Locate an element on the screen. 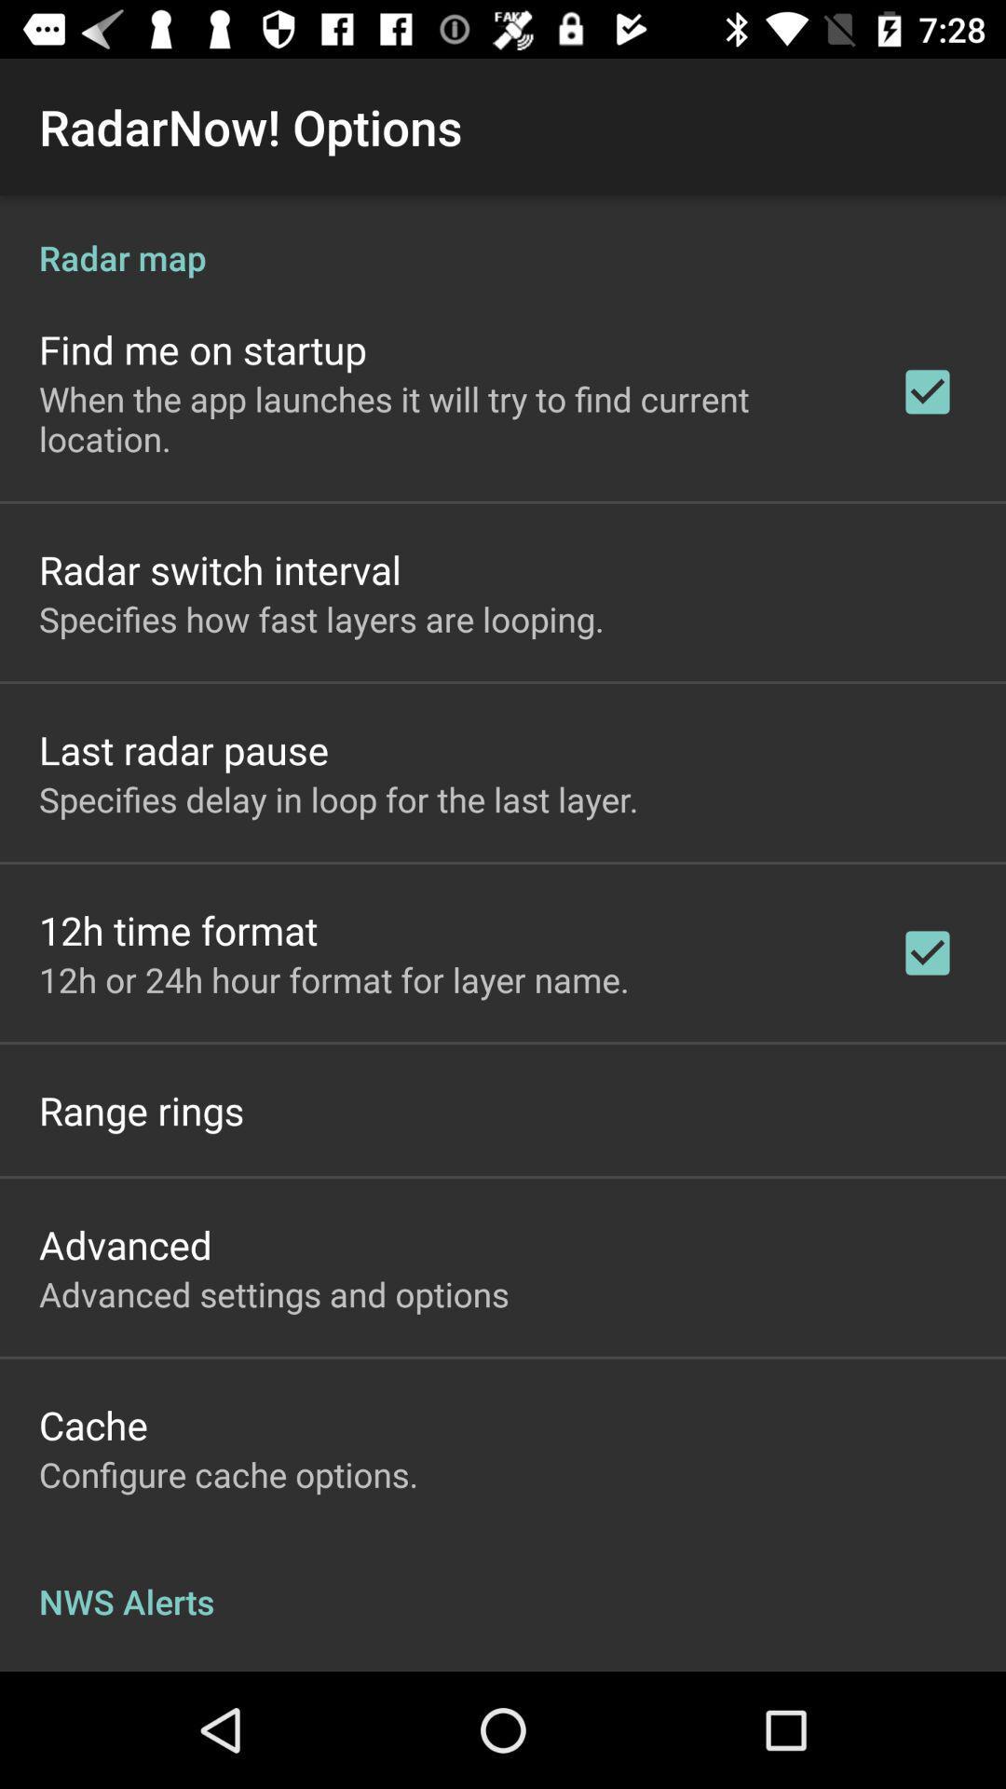  last radar pause item is located at coordinates (184, 749).